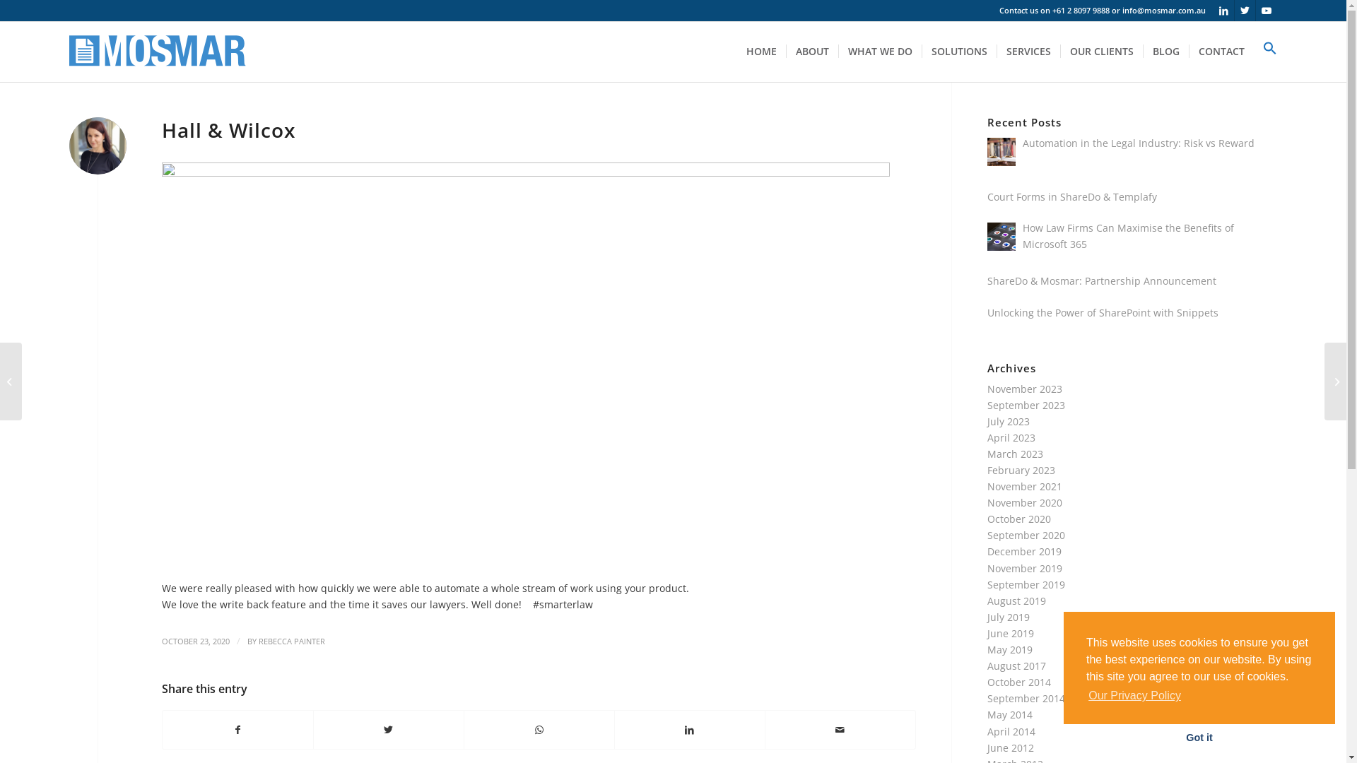  Describe the element at coordinates (1016, 601) in the screenshot. I see `'August 2019'` at that location.